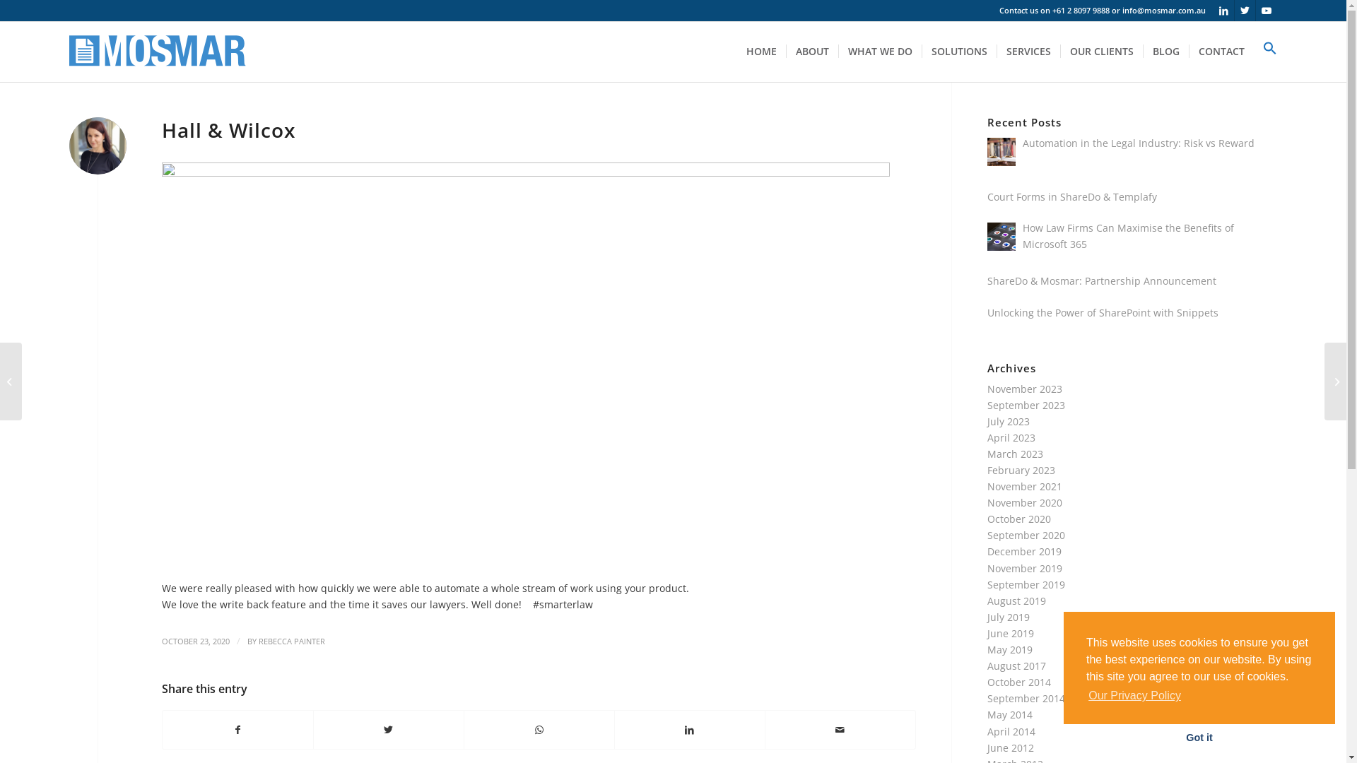  Describe the element at coordinates (1016, 601) in the screenshot. I see `'August 2019'` at that location.